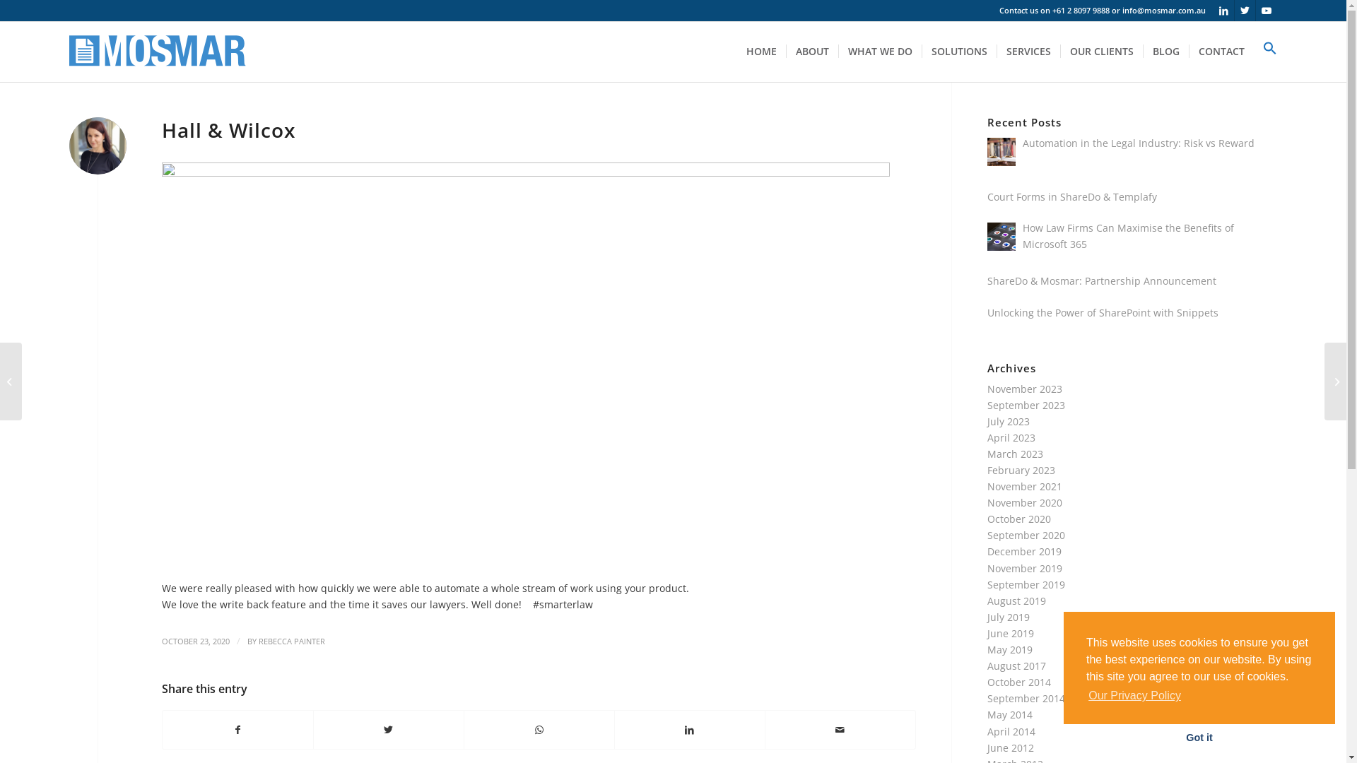  Describe the element at coordinates (1016, 601) in the screenshot. I see `'August 2019'` at that location.